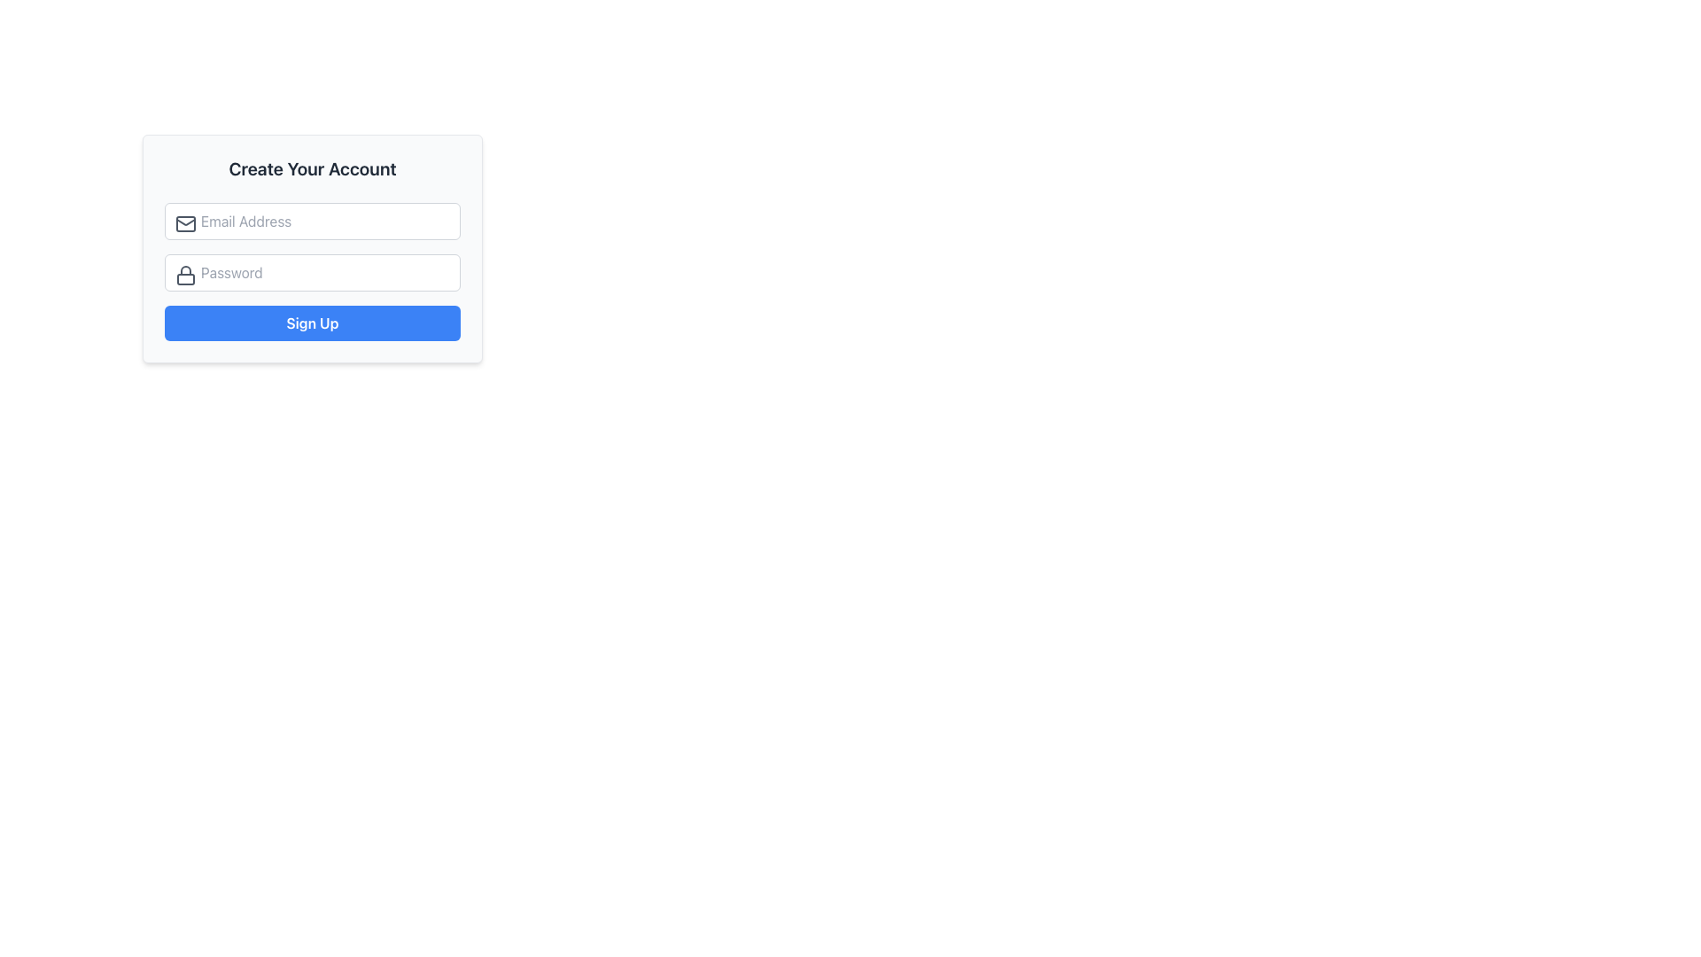 The width and height of the screenshot is (1701, 957). Describe the element at coordinates (186, 276) in the screenshot. I see `the lock icon located within the password input field, which is styled with a gray color and positioned to the left of the 'Password' placeholder text` at that location.